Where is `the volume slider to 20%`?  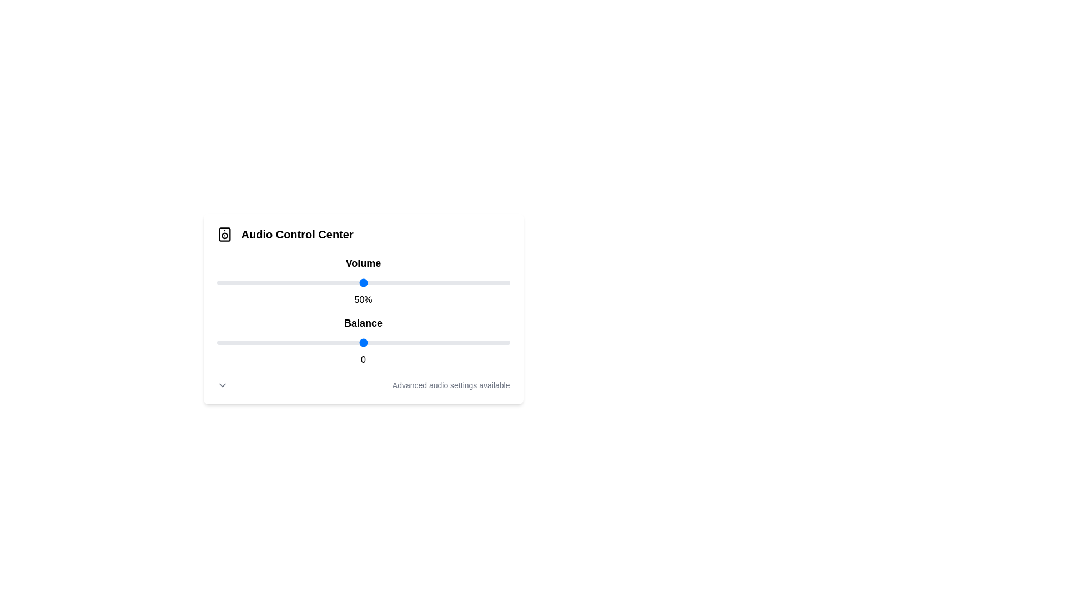 the volume slider to 20% is located at coordinates (275, 282).